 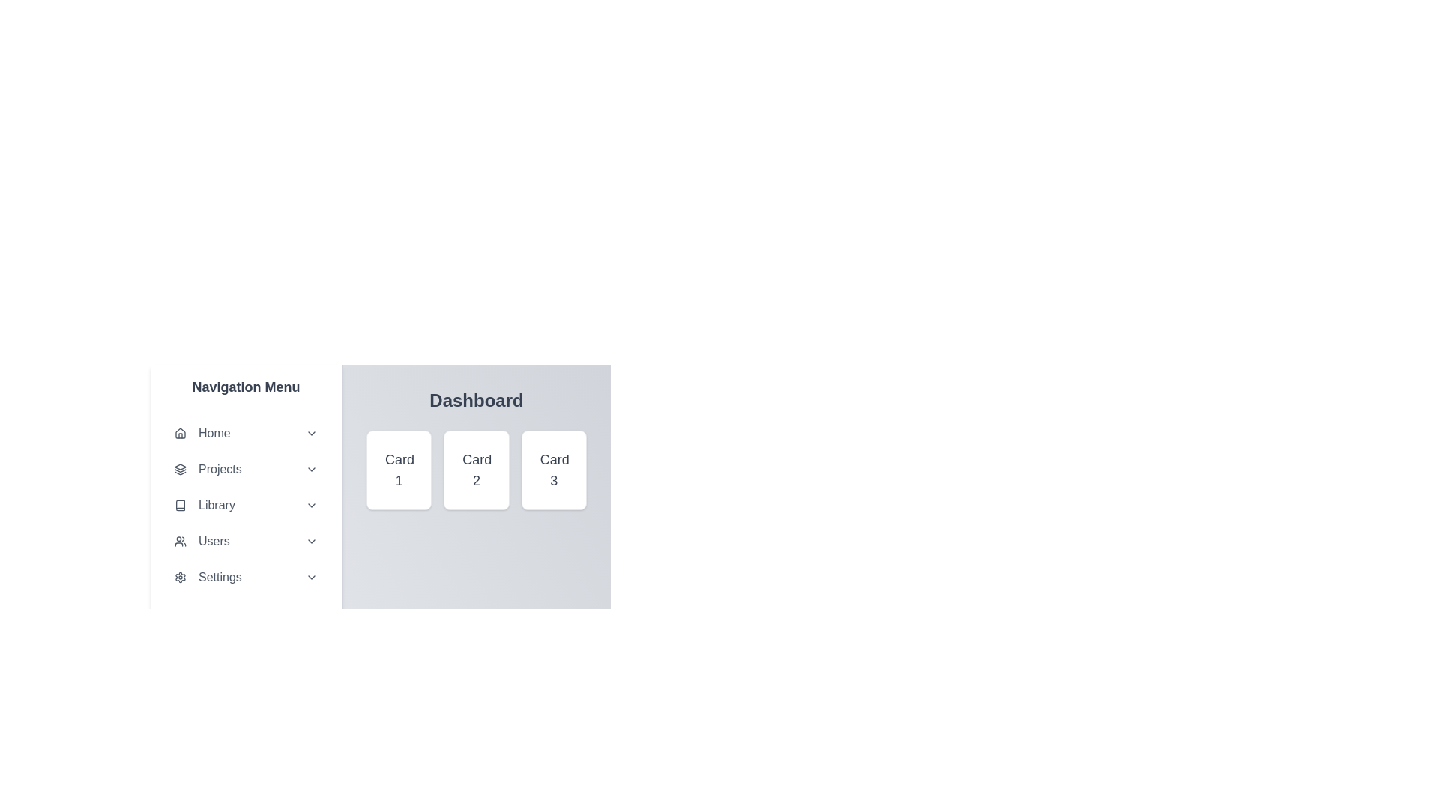 I want to click on the downward chevron icon located in the 'Users' section of the left sidebar to visually highlight it, so click(x=311, y=541).